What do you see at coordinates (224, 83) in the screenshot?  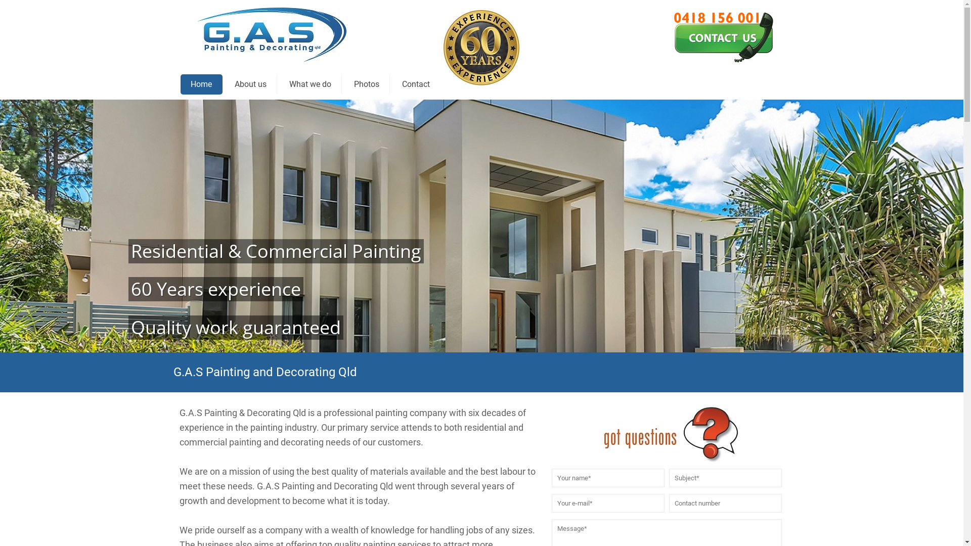 I see `'About us'` at bounding box center [224, 83].